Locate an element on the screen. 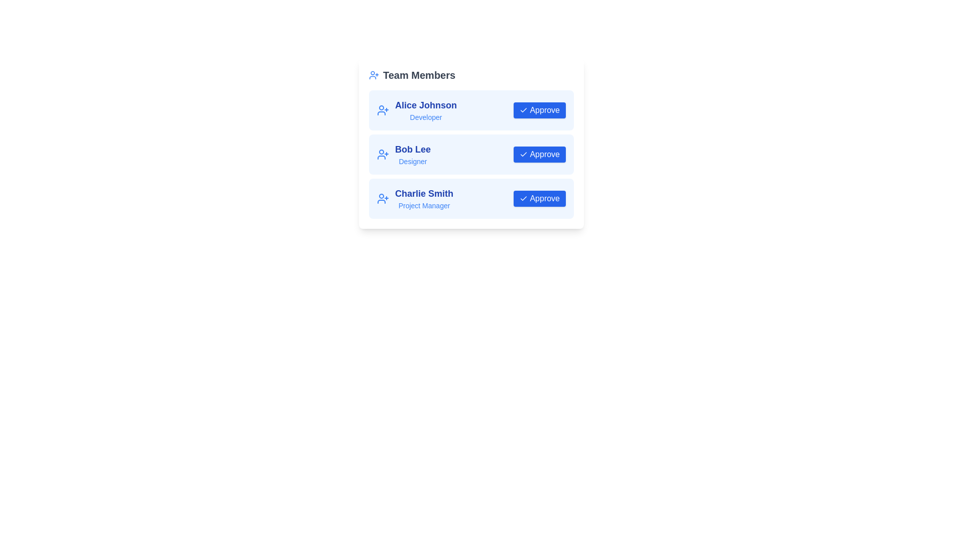 This screenshot has height=542, width=964. the interactive button of the second team member's profile in the 'Team Members' card is located at coordinates (471, 155).